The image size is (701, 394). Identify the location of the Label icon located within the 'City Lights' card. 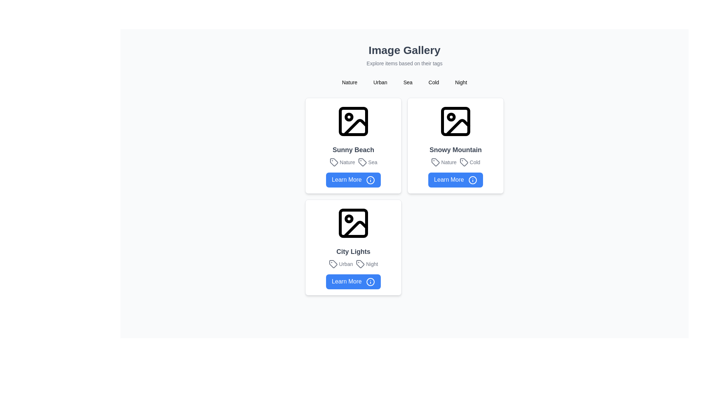
(333, 264).